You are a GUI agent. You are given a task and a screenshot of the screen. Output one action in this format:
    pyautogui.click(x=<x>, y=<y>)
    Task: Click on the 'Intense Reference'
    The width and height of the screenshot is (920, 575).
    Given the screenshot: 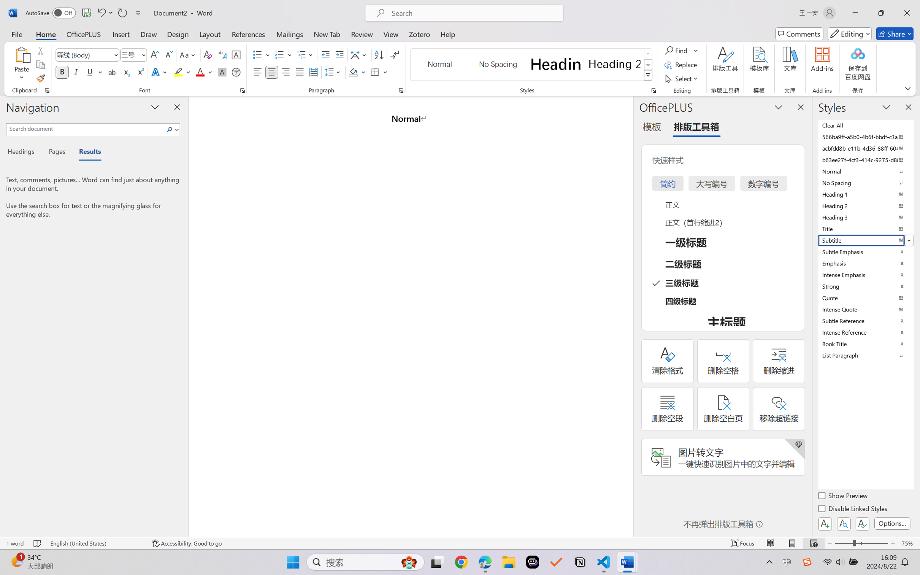 What is the action you would take?
    pyautogui.click(x=865, y=332)
    